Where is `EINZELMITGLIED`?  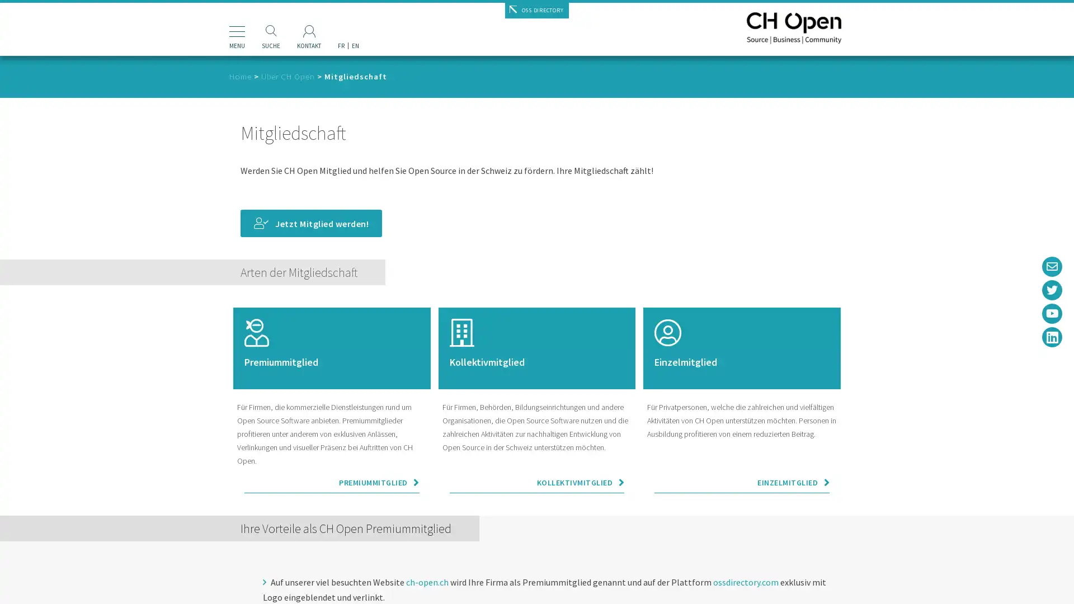
EINZELMITGLIED is located at coordinates (742, 484).